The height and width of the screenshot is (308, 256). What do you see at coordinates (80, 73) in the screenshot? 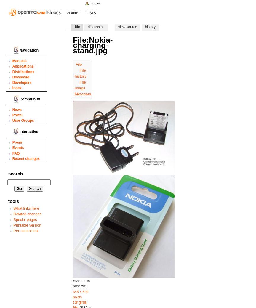
I see `'File history'` at bounding box center [80, 73].